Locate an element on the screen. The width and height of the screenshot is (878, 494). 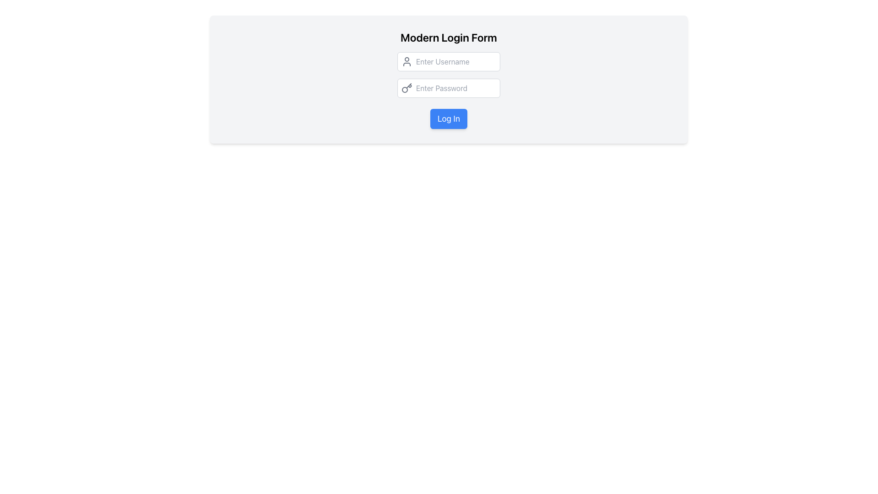
the user icon, which is a simple outline of a person styled in gray, located to the left of the 'Enter Username' text input field is located at coordinates (406, 62).